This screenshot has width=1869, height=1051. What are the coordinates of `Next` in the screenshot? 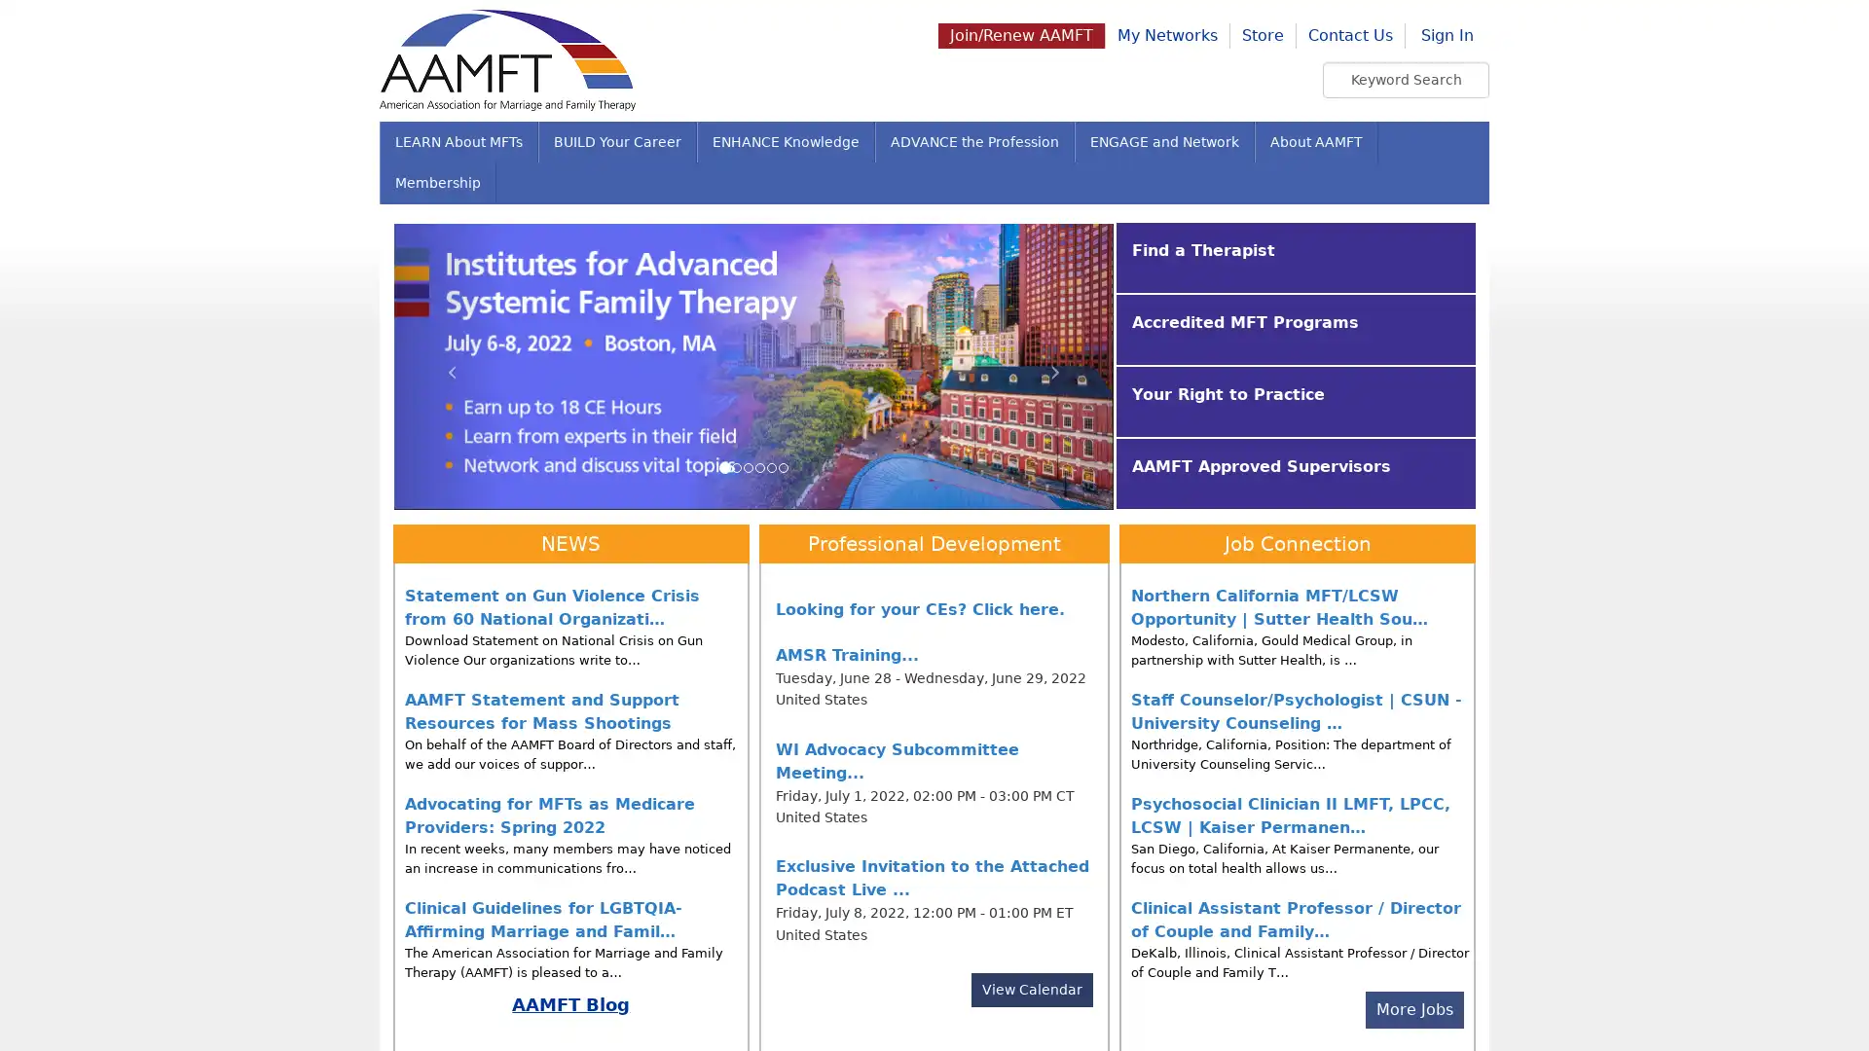 It's located at (1058, 365).